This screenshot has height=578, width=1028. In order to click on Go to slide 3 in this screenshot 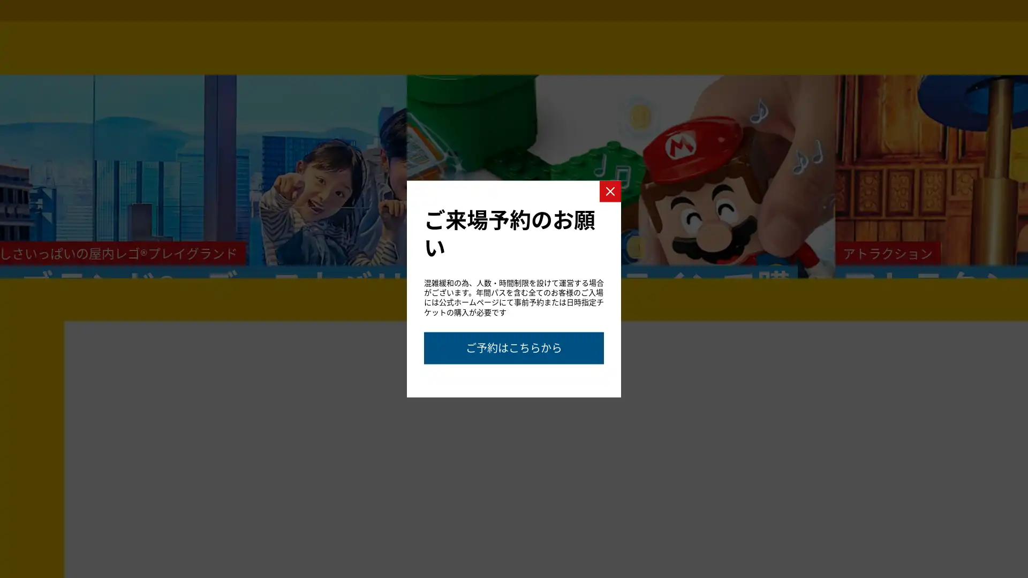, I will do `click(526, 414)`.